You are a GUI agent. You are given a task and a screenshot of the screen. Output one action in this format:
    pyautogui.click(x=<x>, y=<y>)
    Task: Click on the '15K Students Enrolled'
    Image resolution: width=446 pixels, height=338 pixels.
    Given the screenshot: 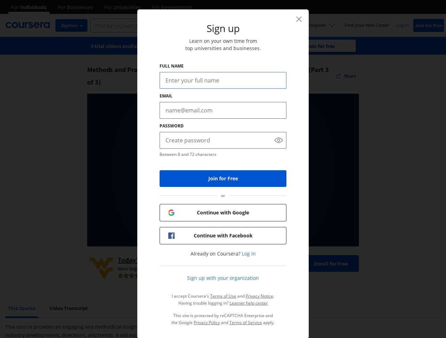 What is the action you would take?
    pyautogui.click(x=207, y=276)
    